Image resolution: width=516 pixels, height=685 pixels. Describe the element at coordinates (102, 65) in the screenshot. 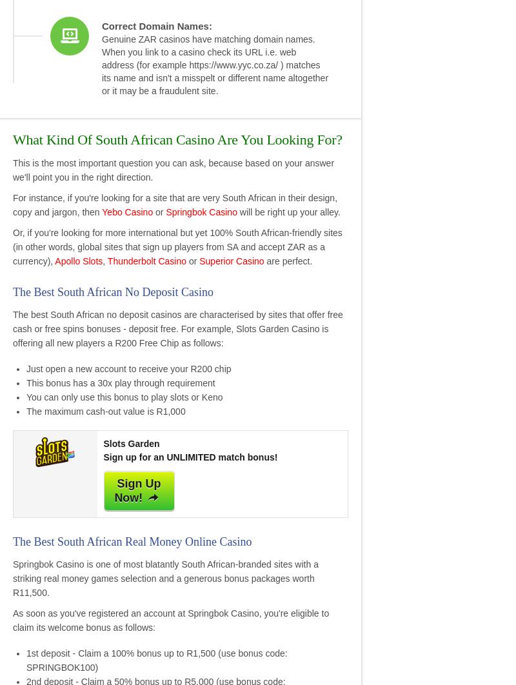

I see `'Genuine ZAR casinos have matching domain names. When you link to a casino check its URL i.e. web address (for example https://www.yyc.co.za/ ) matches its name and isn't a misspelt or different name altogether or it may be a fraudulent site.'` at that location.